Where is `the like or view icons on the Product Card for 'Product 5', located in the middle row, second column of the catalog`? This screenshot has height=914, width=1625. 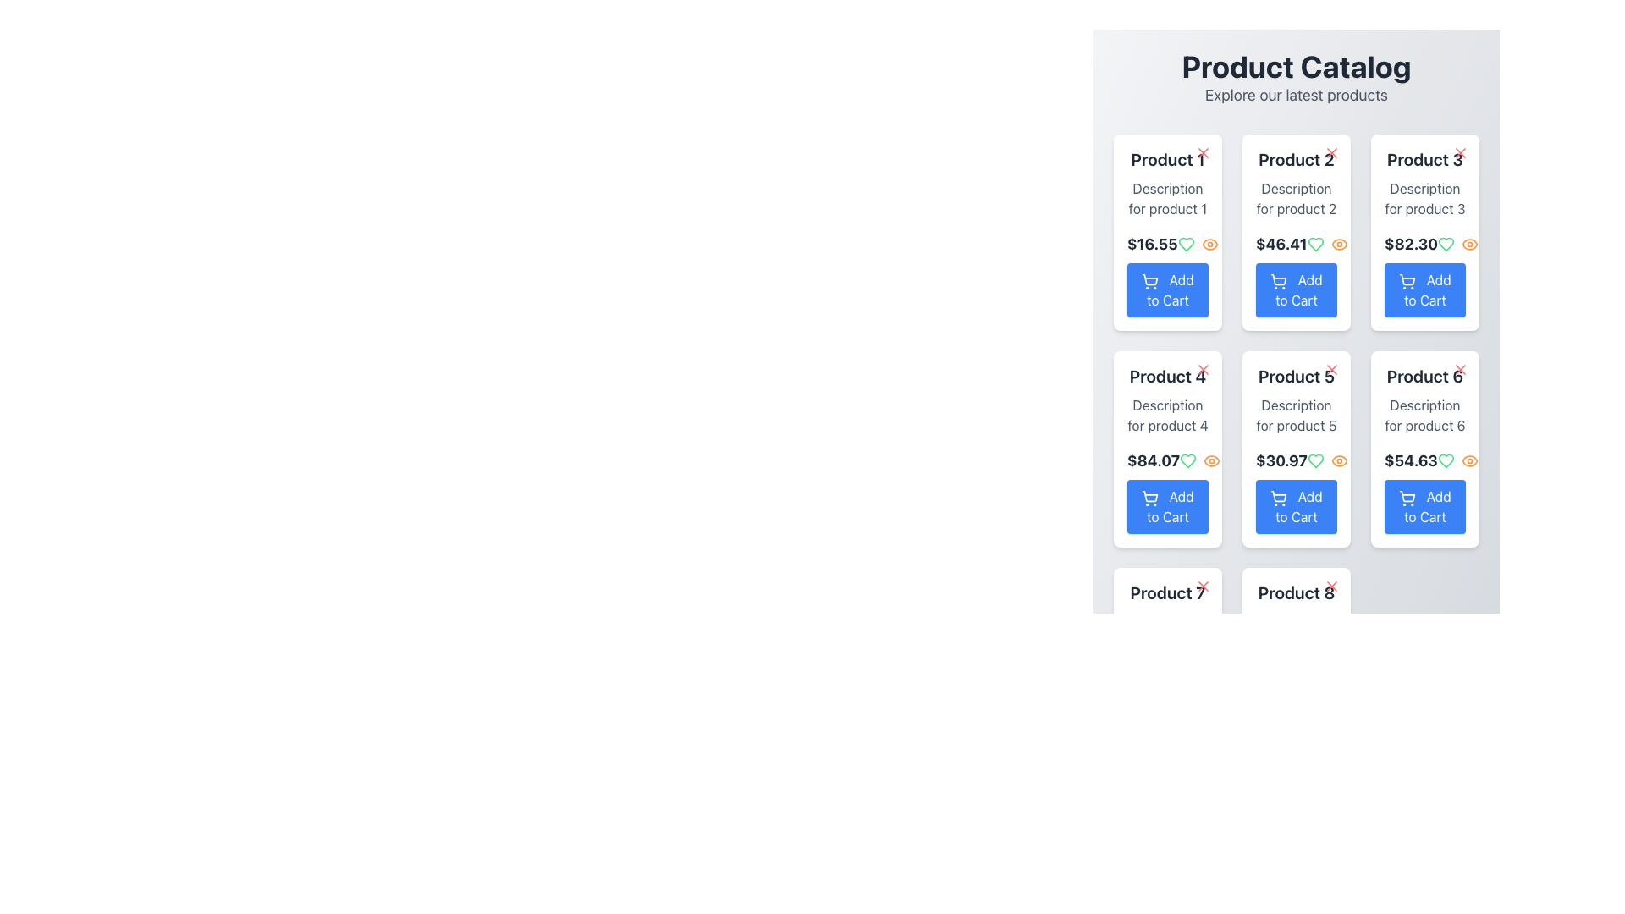 the like or view icons on the Product Card for 'Product 5', located in the middle row, second column of the catalog is located at coordinates (1295, 449).